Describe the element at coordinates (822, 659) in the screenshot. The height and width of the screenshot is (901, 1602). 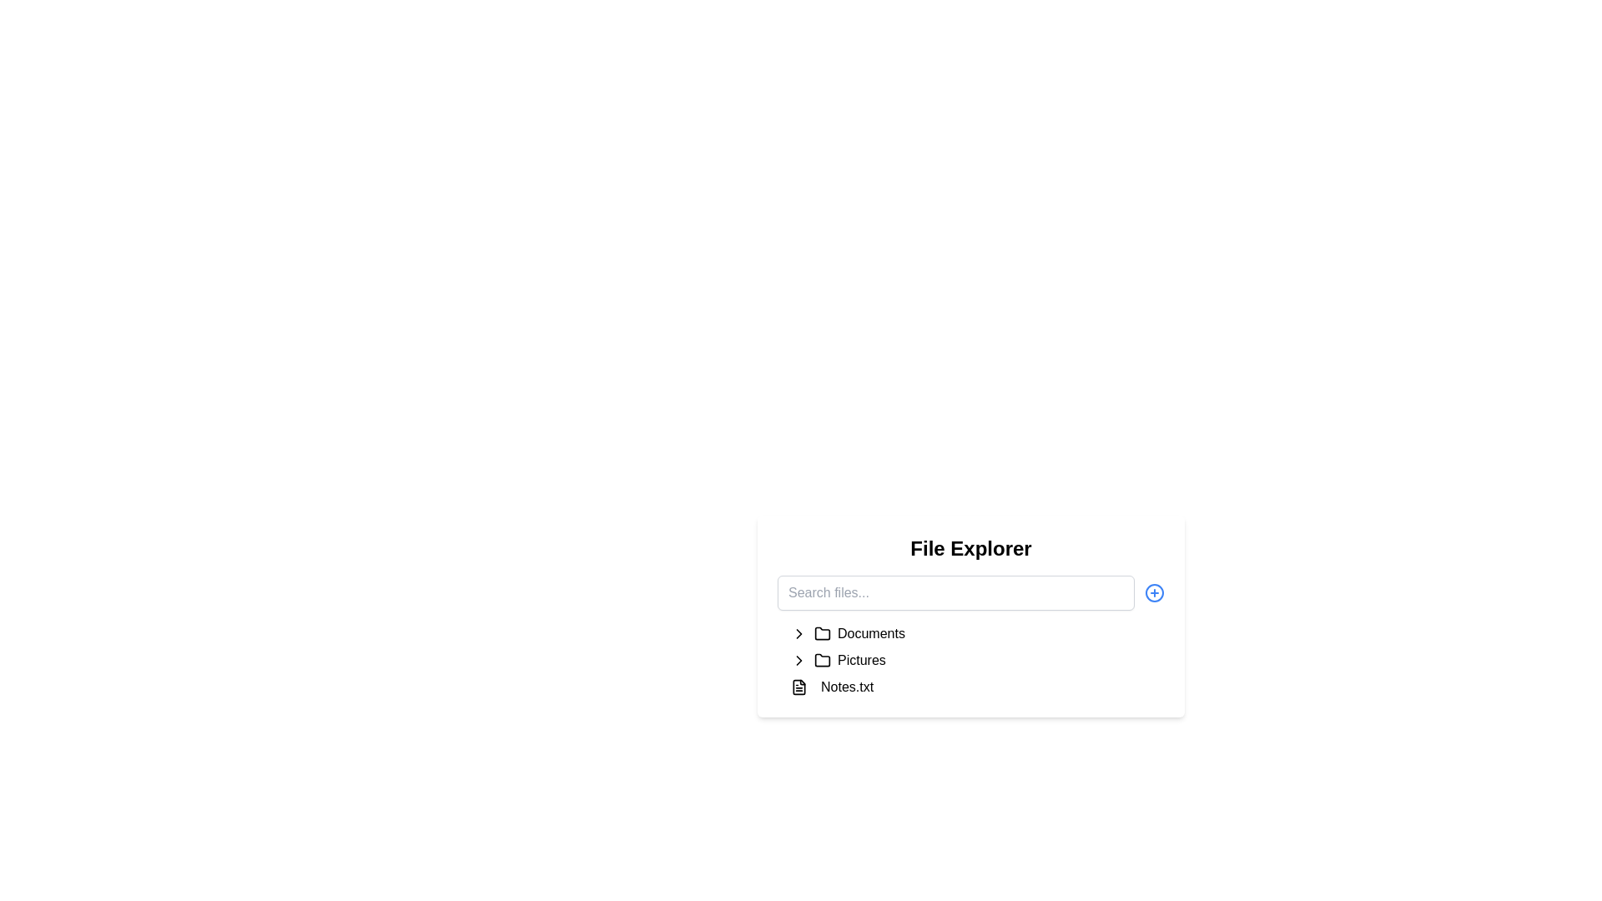
I see `the folder icon for 'Pictures', which is the second icon from the left in a file explorer list` at that location.